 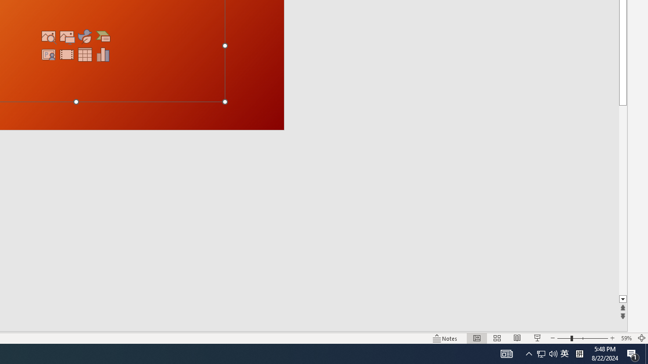 What do you see at coordinates (626, 338) in the screenshot?
I see `'Zoom 59%'` at bounding box center [626, 338].